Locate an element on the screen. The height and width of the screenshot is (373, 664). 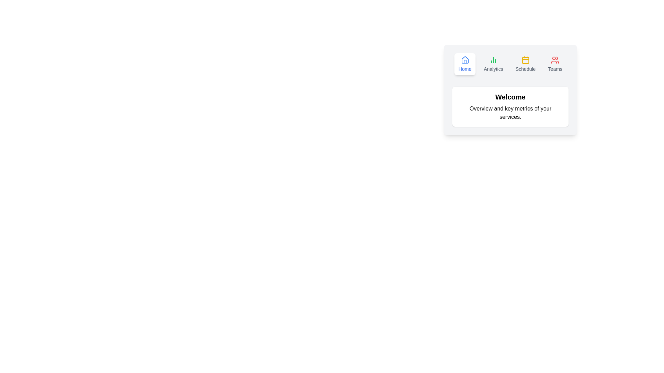
static text that provides descriptive information located directly beneath the bolded text 'Welcome' within the card-like structure is located at coordinates (510, 113).